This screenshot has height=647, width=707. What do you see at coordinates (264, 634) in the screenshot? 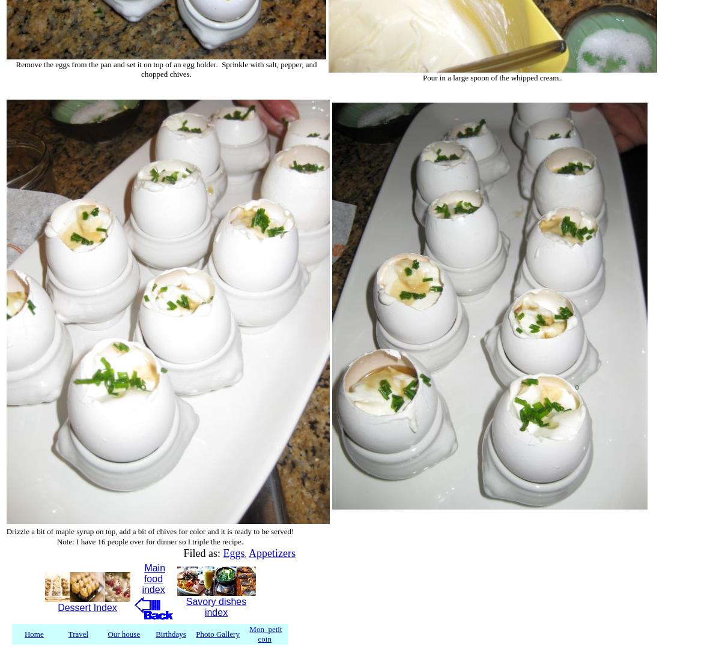
I see `'Mon  
    petit coin'` at bounding box center [264, 634].